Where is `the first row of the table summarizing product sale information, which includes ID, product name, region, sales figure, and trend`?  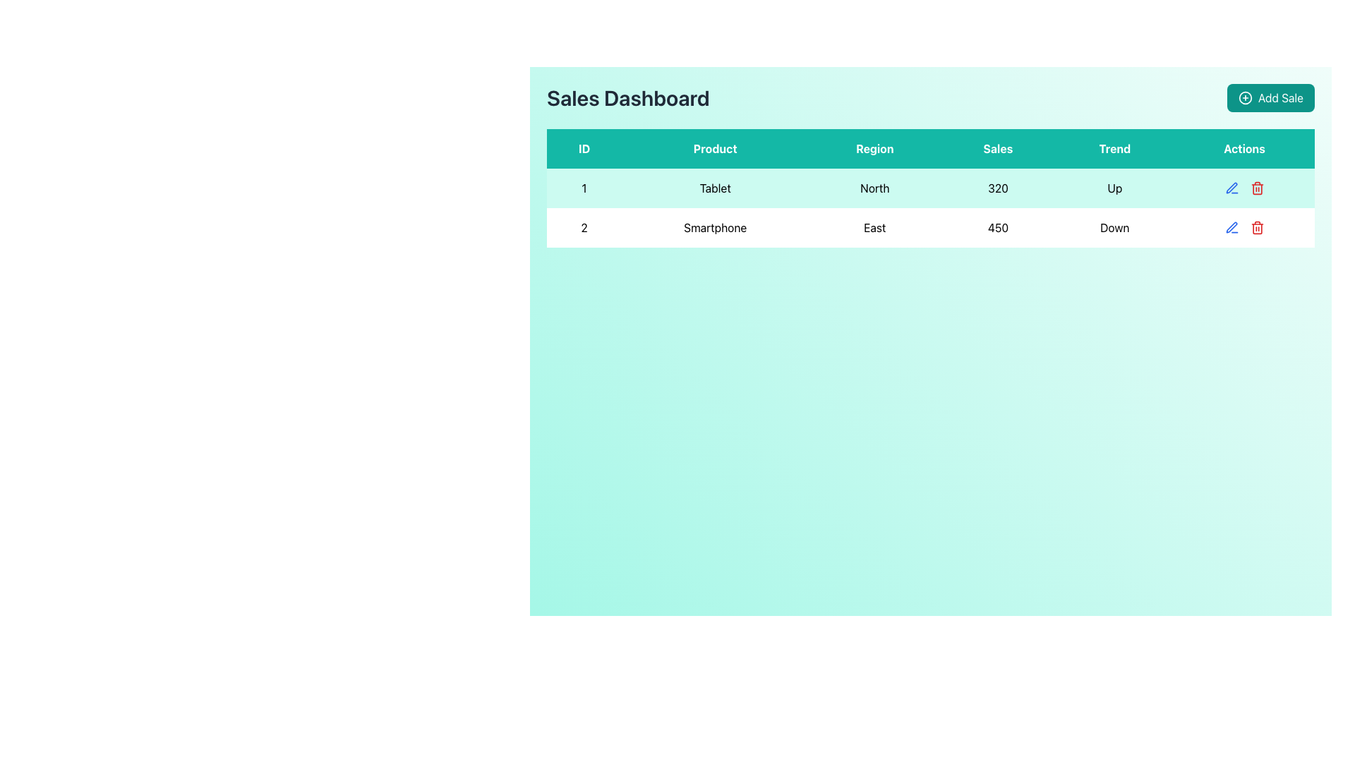
the first row of the table summarizing product sale information, which includes ID, product name, region, sales figure, and trend is located at coordinates (931, 187).